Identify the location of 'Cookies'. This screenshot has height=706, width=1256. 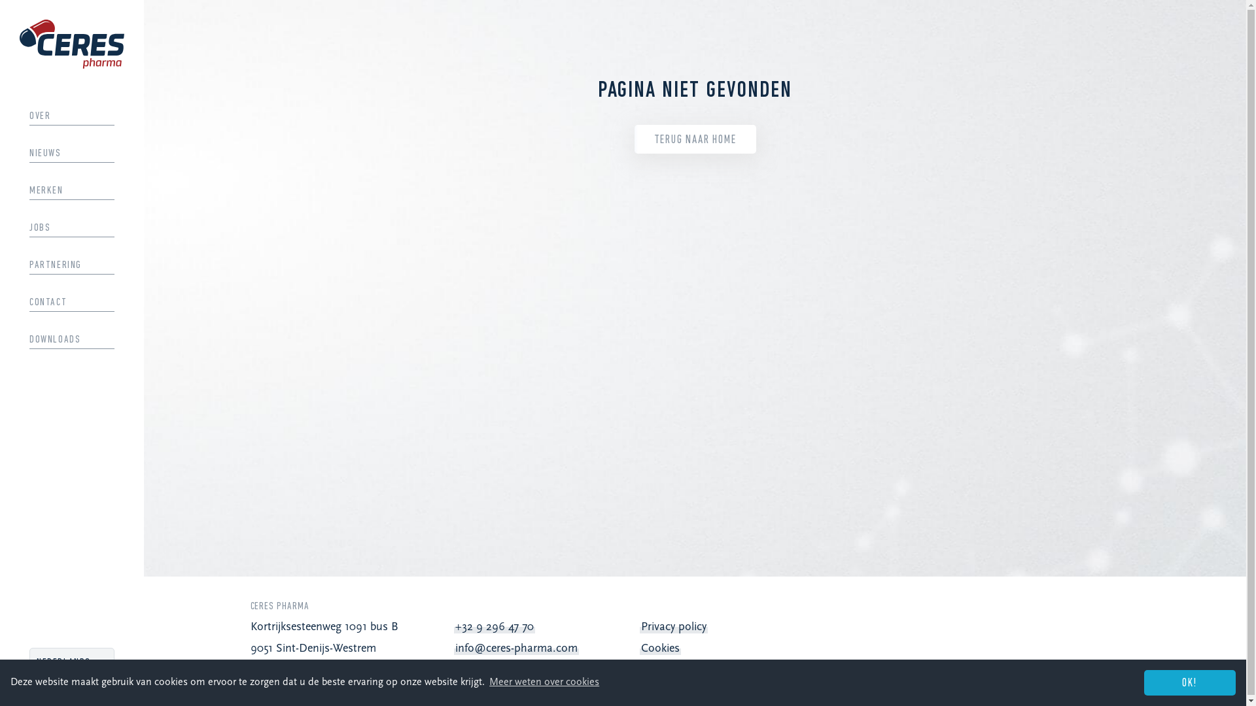
(640, 648).